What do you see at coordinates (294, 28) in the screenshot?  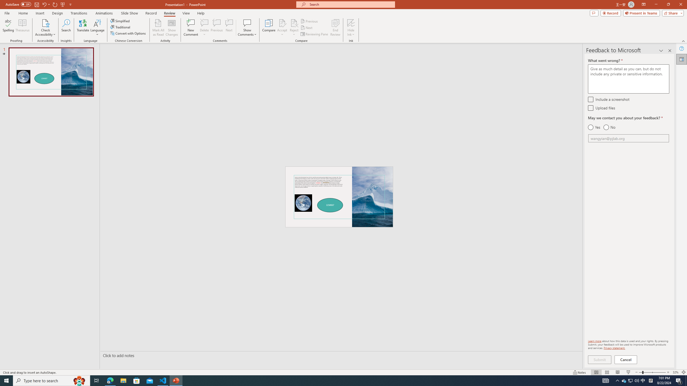 I see `'Reject'` at bounding box center [294, 28].